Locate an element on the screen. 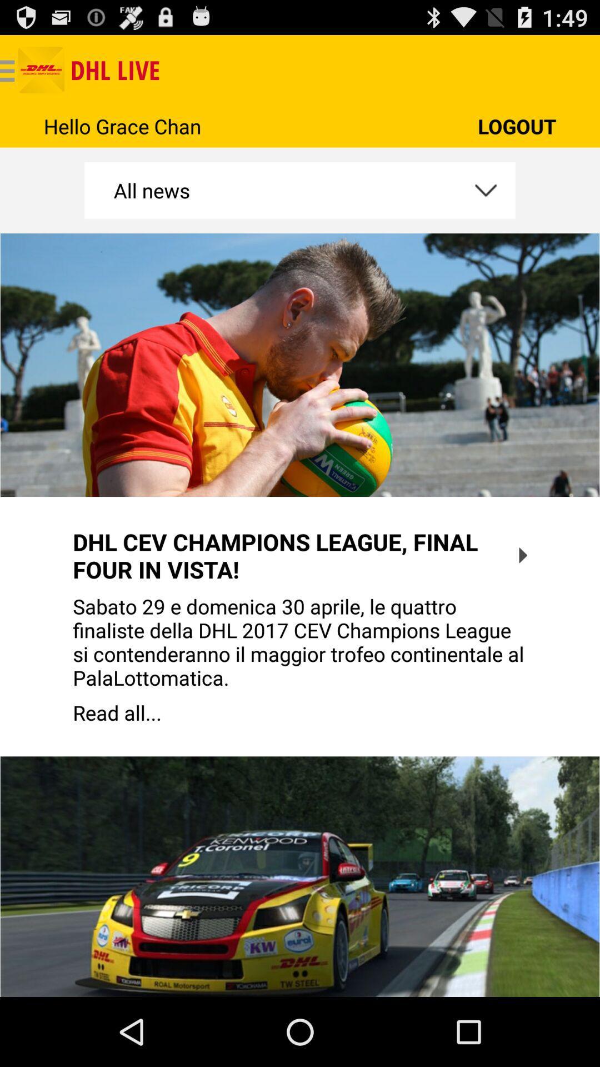 Image resolution: width=600 pixels, height=1067 pixels. the read all... is located at coordinates (300, 712).